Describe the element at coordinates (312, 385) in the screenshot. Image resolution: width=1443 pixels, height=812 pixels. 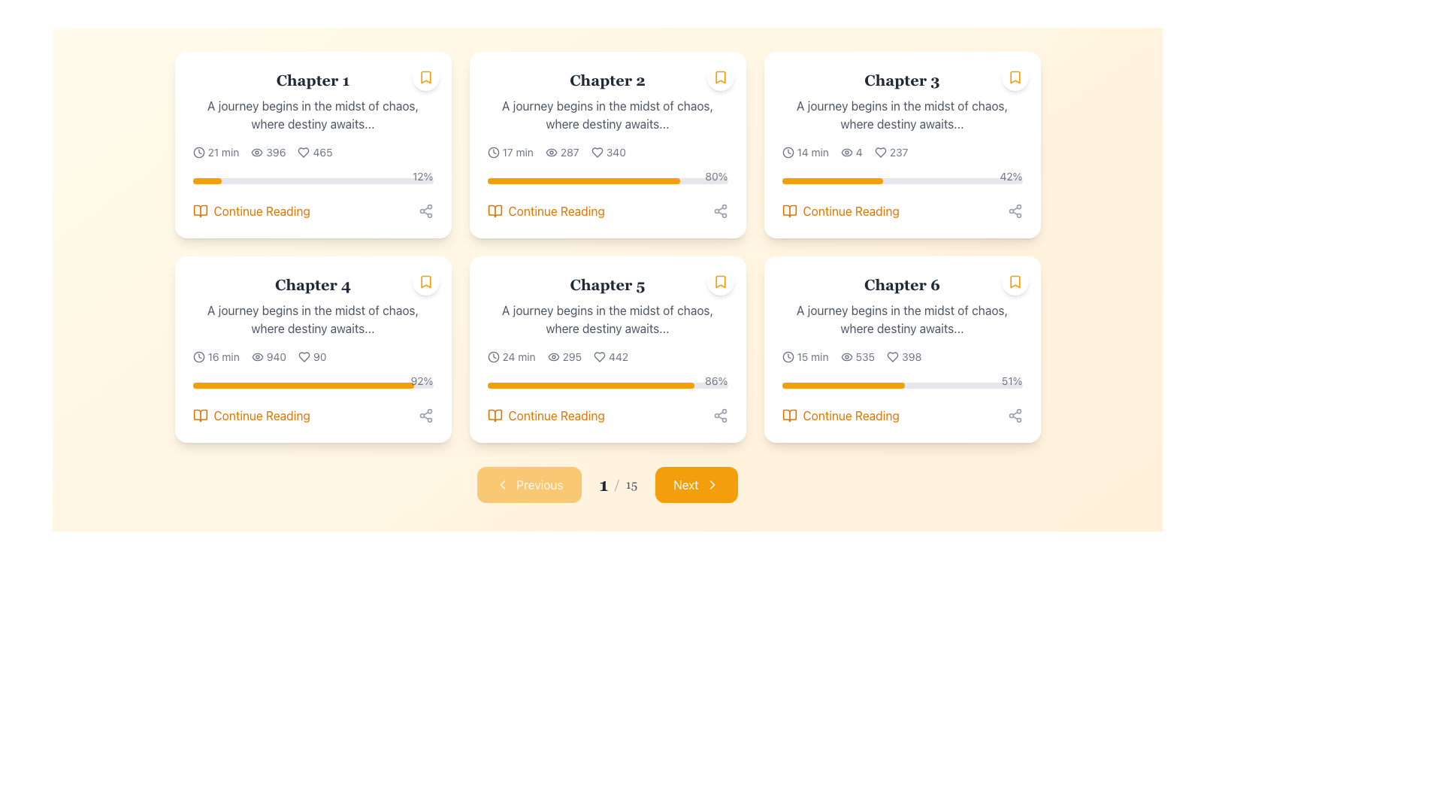
I see `the progress bar indicating 92% completion status of 'Chapter 4', located below the details of the chapter in the center-left card` at that location.